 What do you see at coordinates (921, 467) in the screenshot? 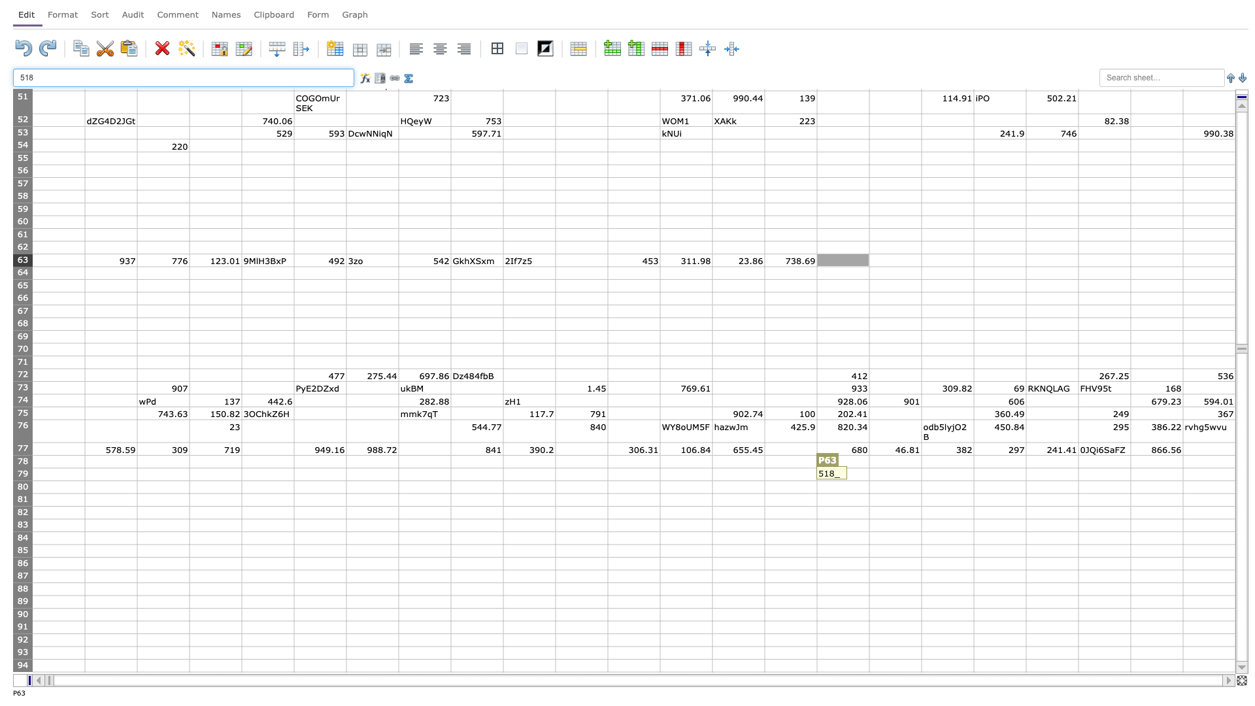
I see `Place cursor on top left corner of R79` at bounding box center [921, 467].